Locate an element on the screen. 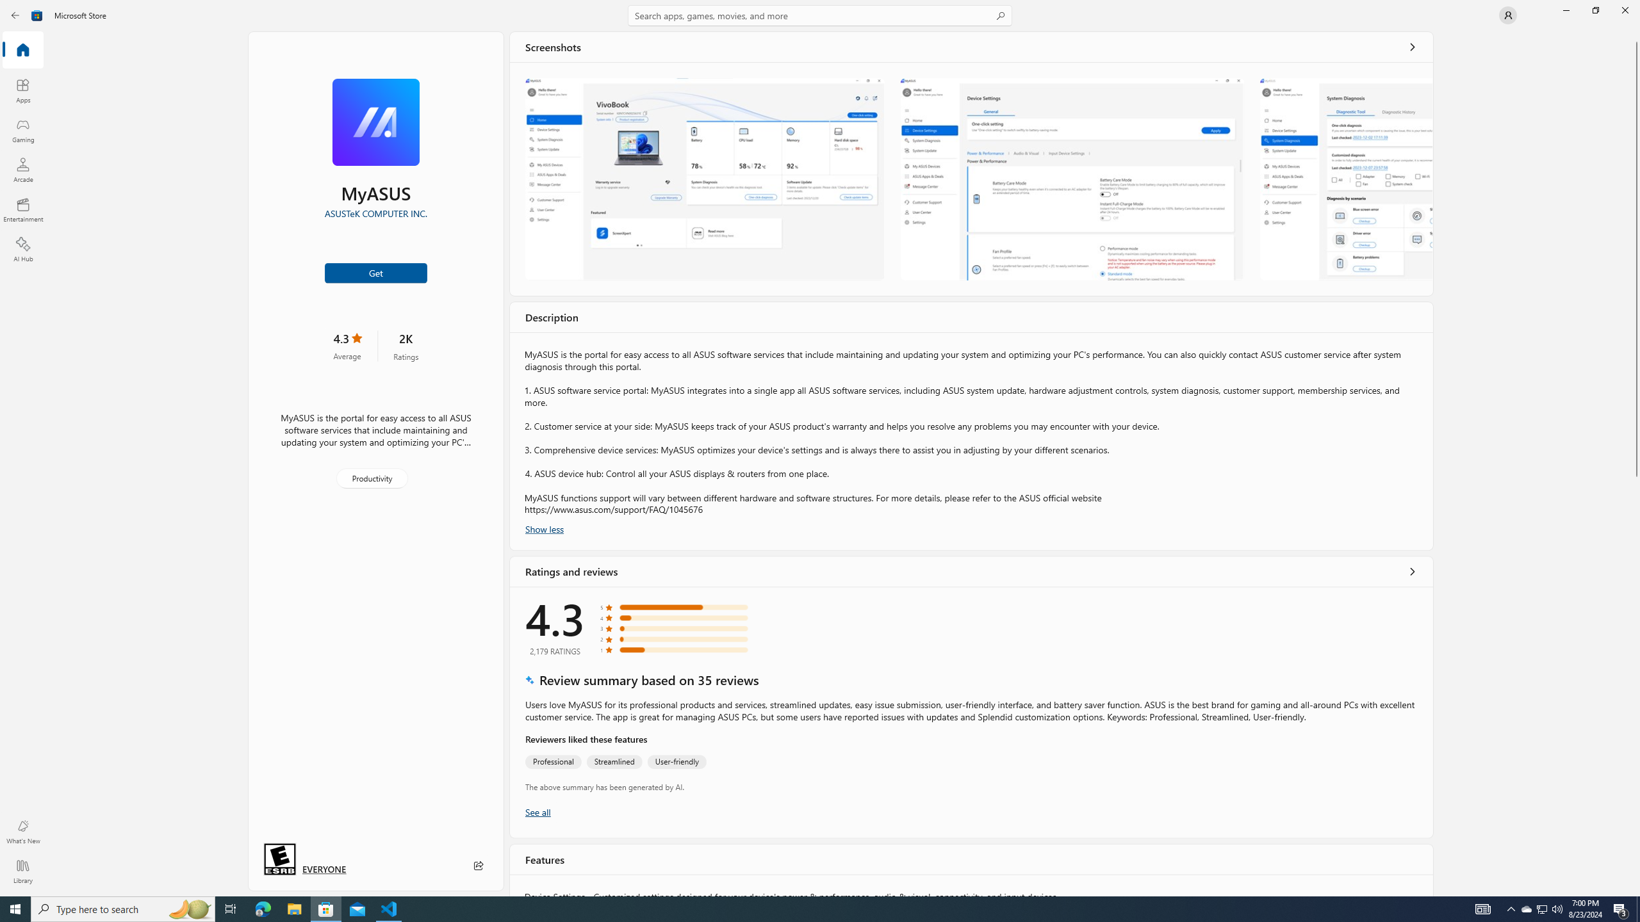  'Show all ratings and reviews' is located at coordinates (1413, 571).